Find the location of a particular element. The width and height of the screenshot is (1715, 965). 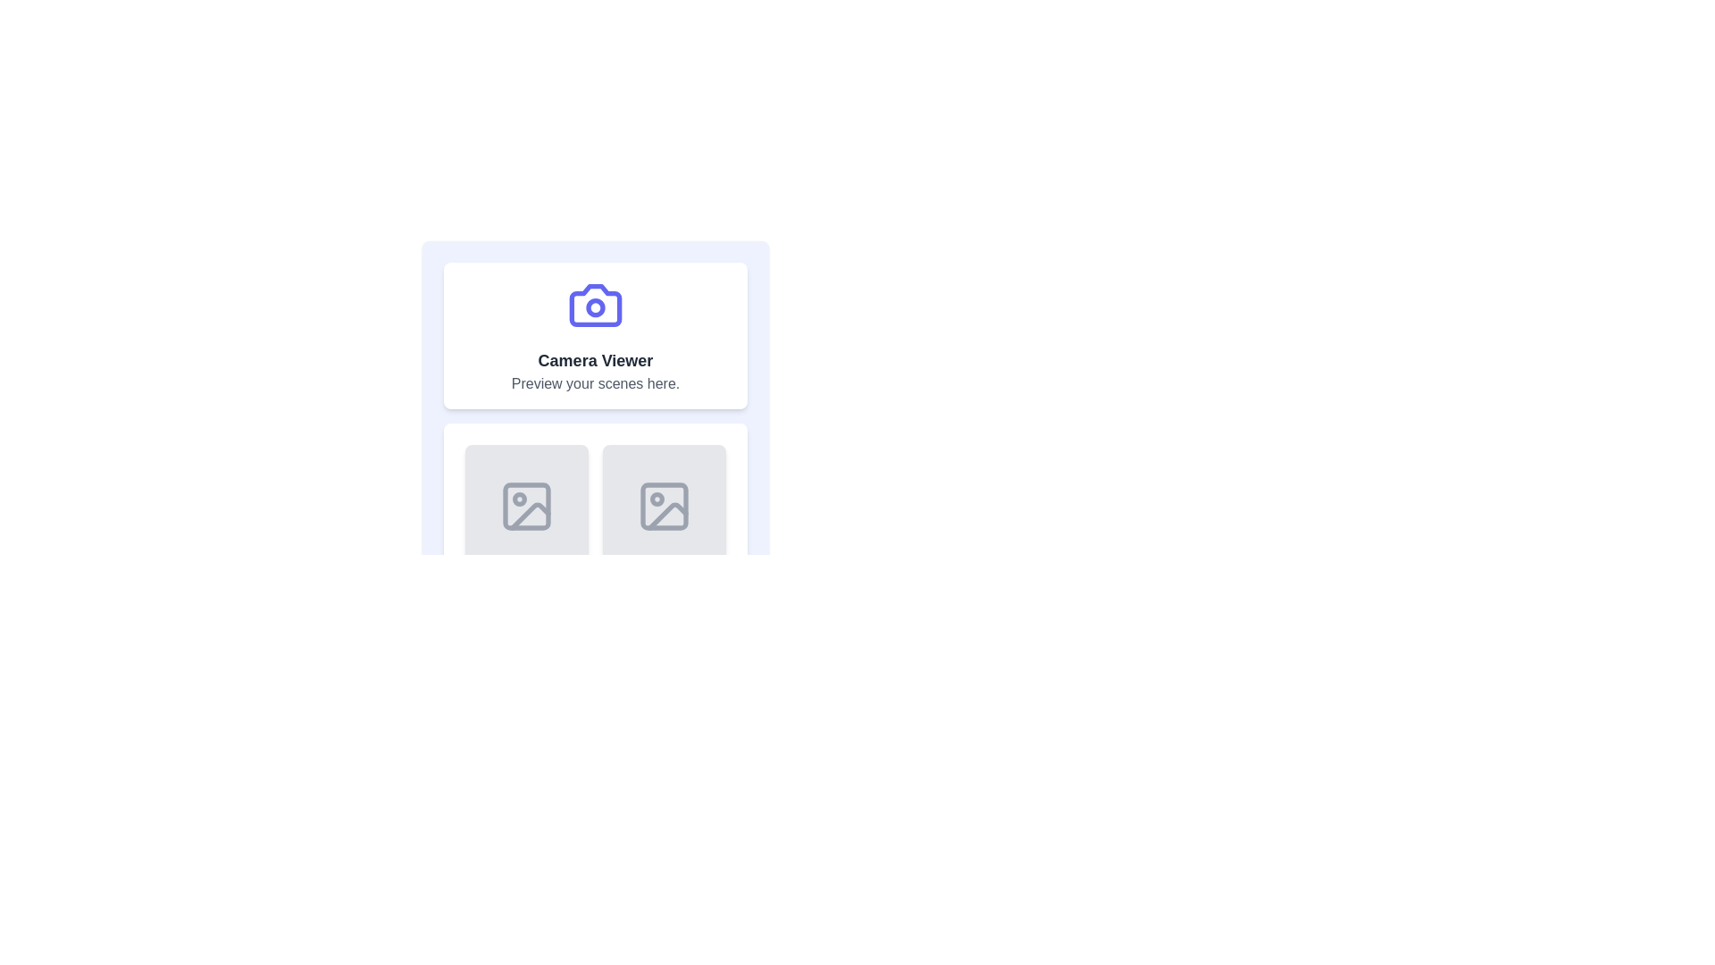

the inactive image placeholder icon button located in the bottom row of selectable elements, positioned to the right of another similar element is located at coordinates (664, 507).